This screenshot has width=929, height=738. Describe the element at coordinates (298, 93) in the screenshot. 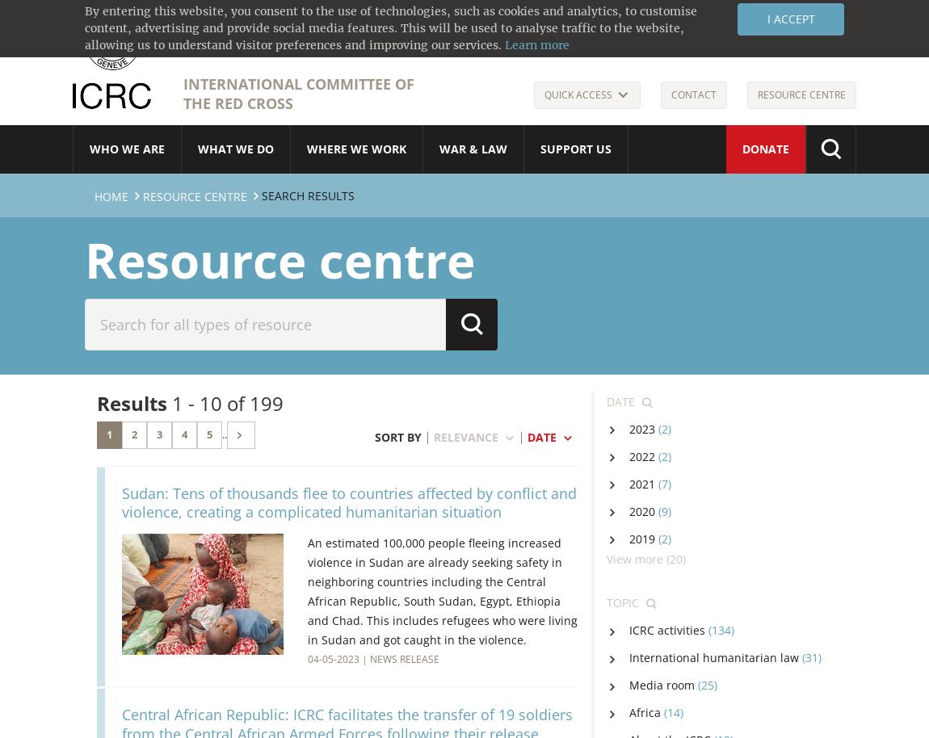

I see `'International Committee of the Red Cross'` at that location.